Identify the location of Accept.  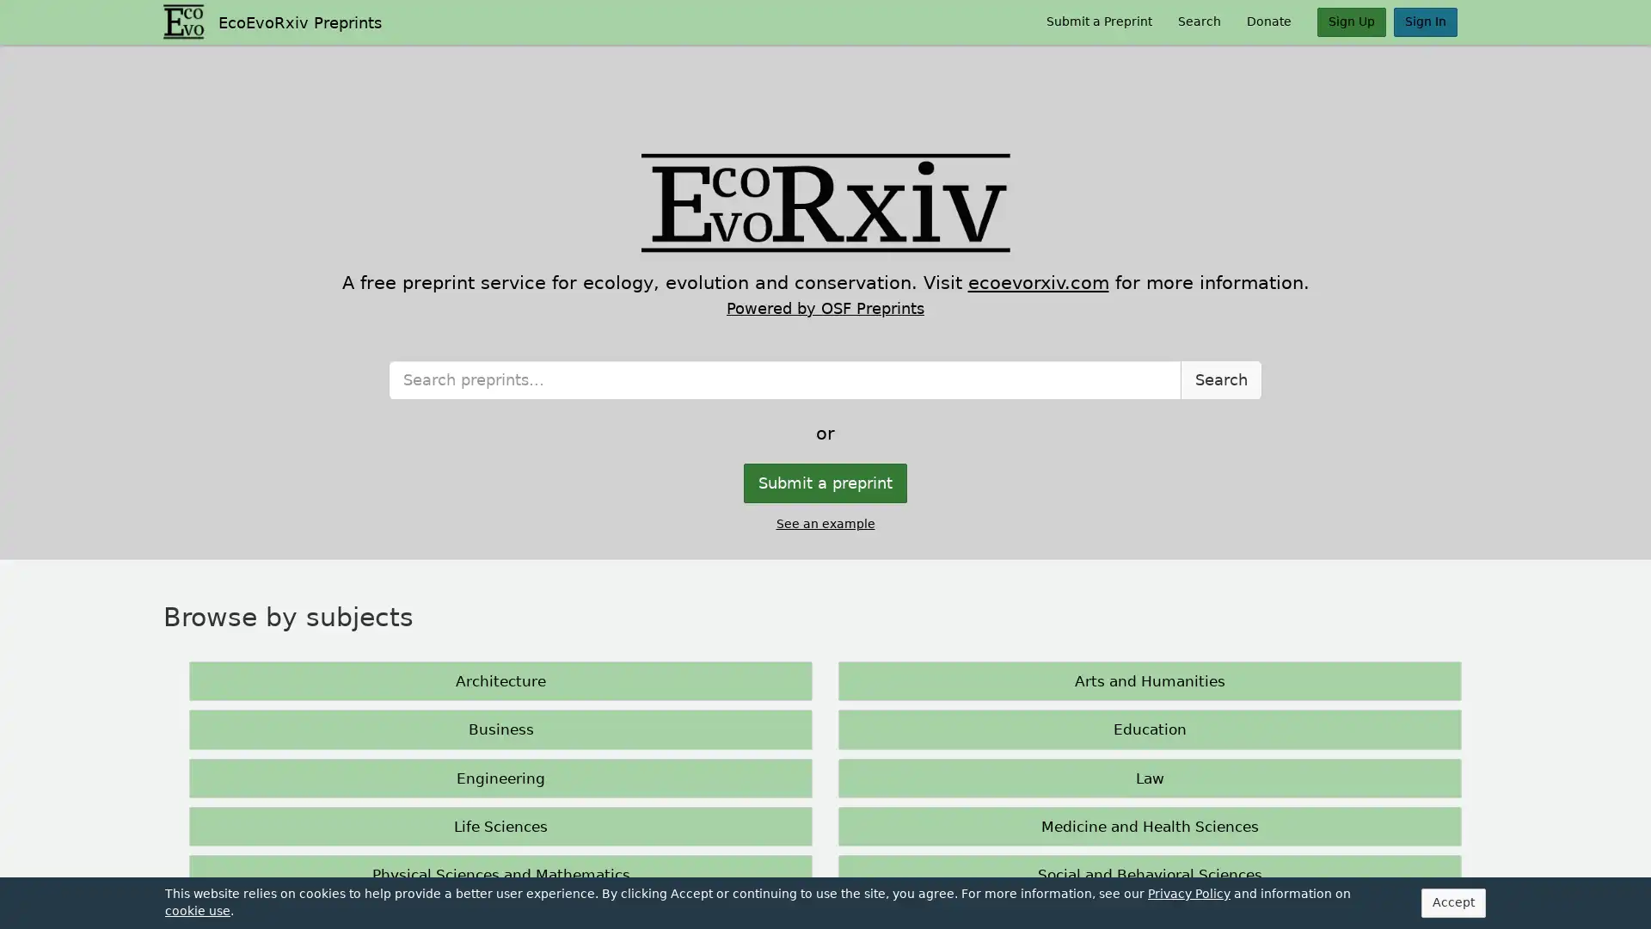
(1382, 905).